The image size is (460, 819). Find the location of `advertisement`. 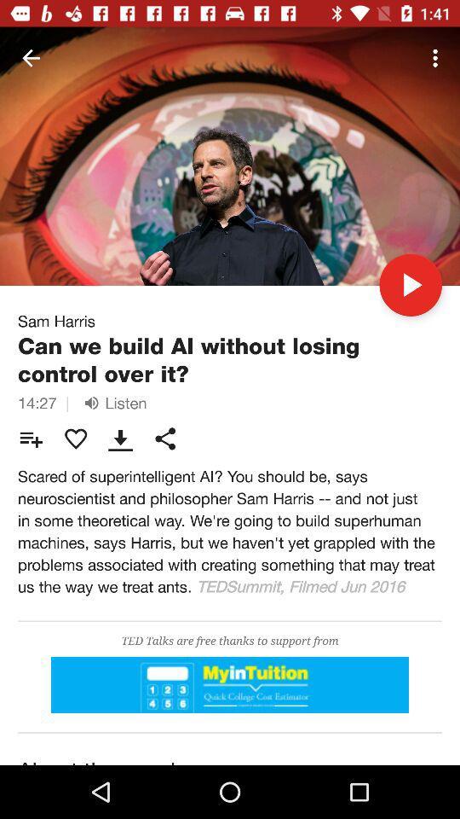

advertisement is located at coordinates (230, 685).